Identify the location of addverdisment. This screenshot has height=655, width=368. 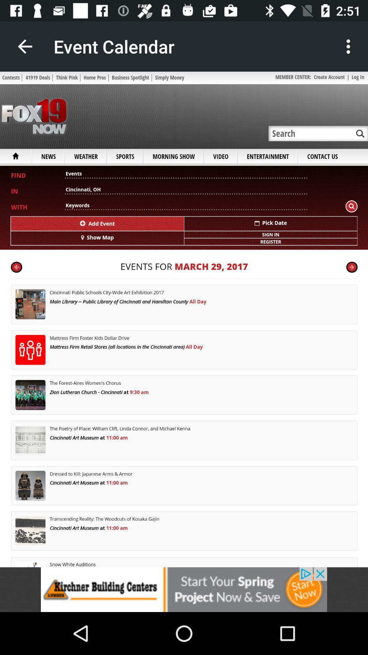
(184, 589).